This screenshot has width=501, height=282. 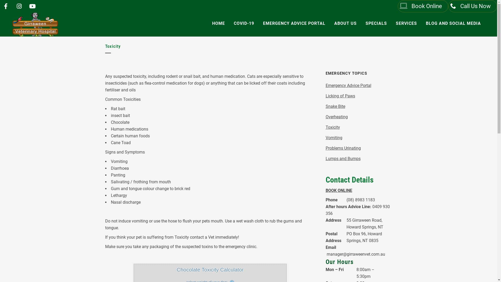 I want to click on 'BLOG AND SOCIAL MEDIA', so click(x=453, y=23).